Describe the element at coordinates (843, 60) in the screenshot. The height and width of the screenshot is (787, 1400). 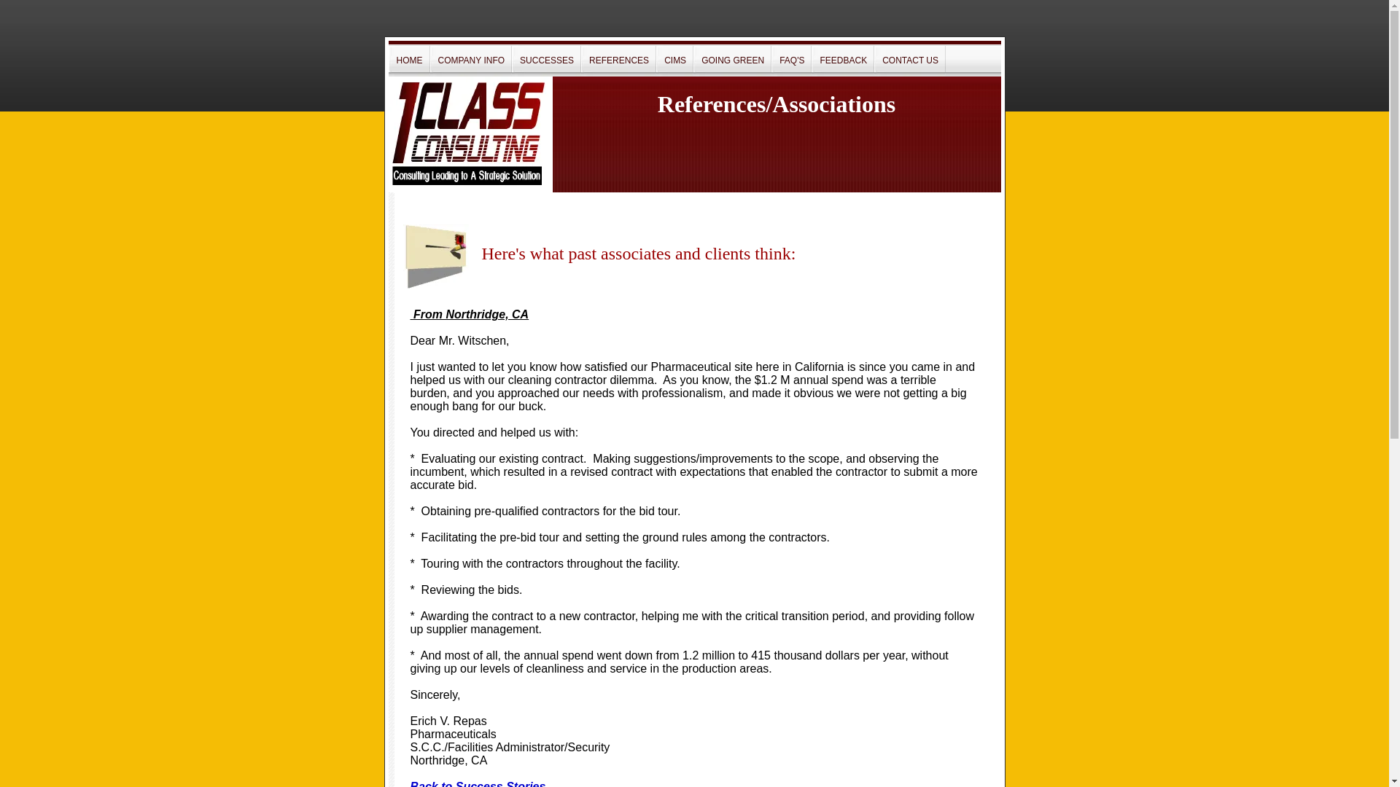
I see `'FEEDBACK'` at that location.